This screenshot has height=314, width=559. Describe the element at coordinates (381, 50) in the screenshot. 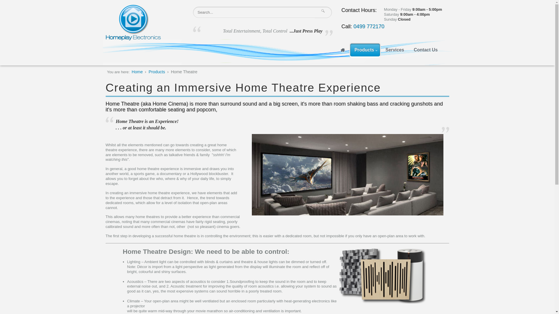

I see `'Services'` at that location.